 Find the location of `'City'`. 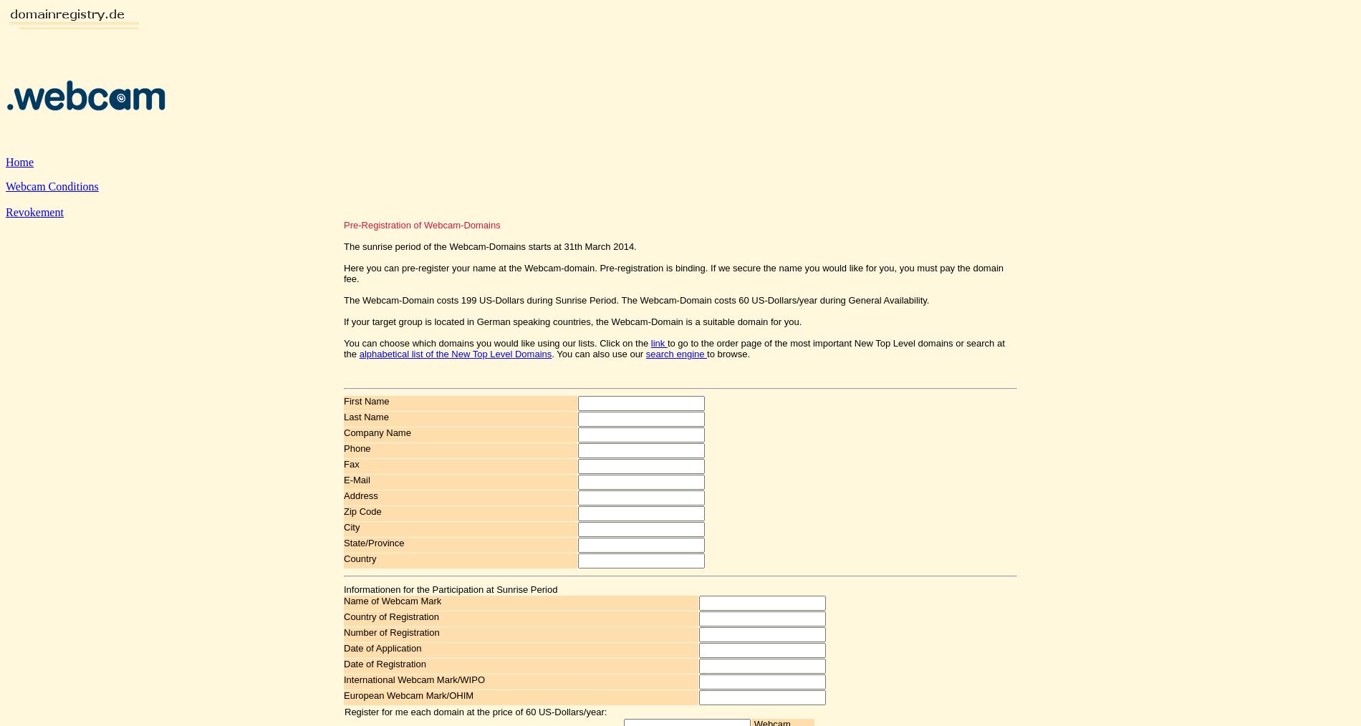

'City' is located at coordinates (351, 526).